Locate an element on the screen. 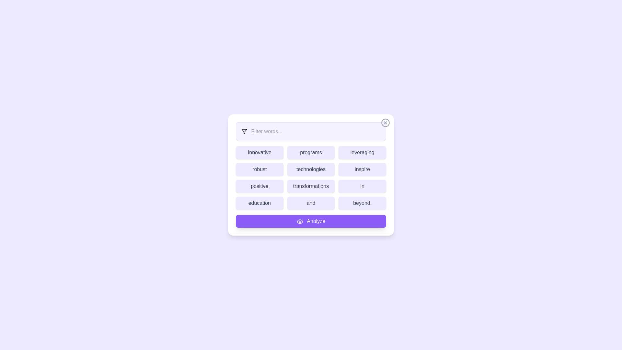 This screenshot has width=622, height=350. the word Innovative to highlight it is located at coordinates (259, 152).